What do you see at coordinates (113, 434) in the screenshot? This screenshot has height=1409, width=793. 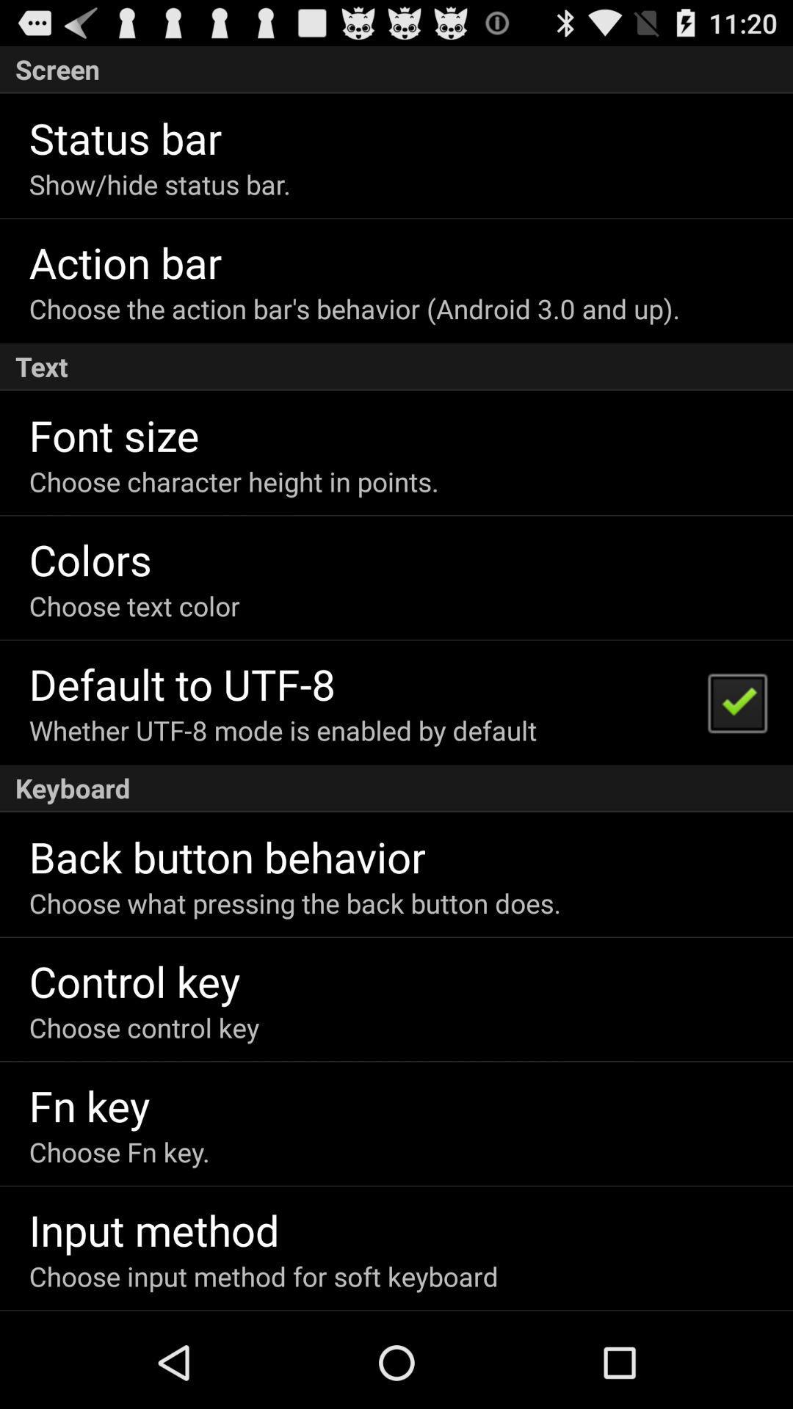 I see `the app below the text icon` at bounding box center [113, 434].